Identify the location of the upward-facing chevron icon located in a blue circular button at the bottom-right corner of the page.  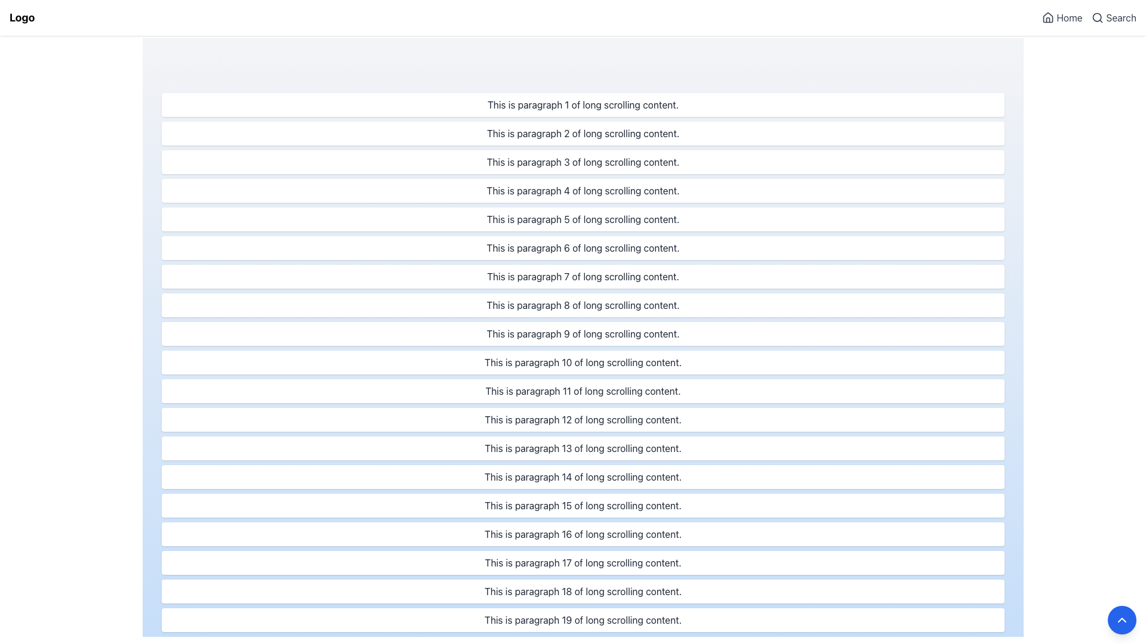
(1122, 620).